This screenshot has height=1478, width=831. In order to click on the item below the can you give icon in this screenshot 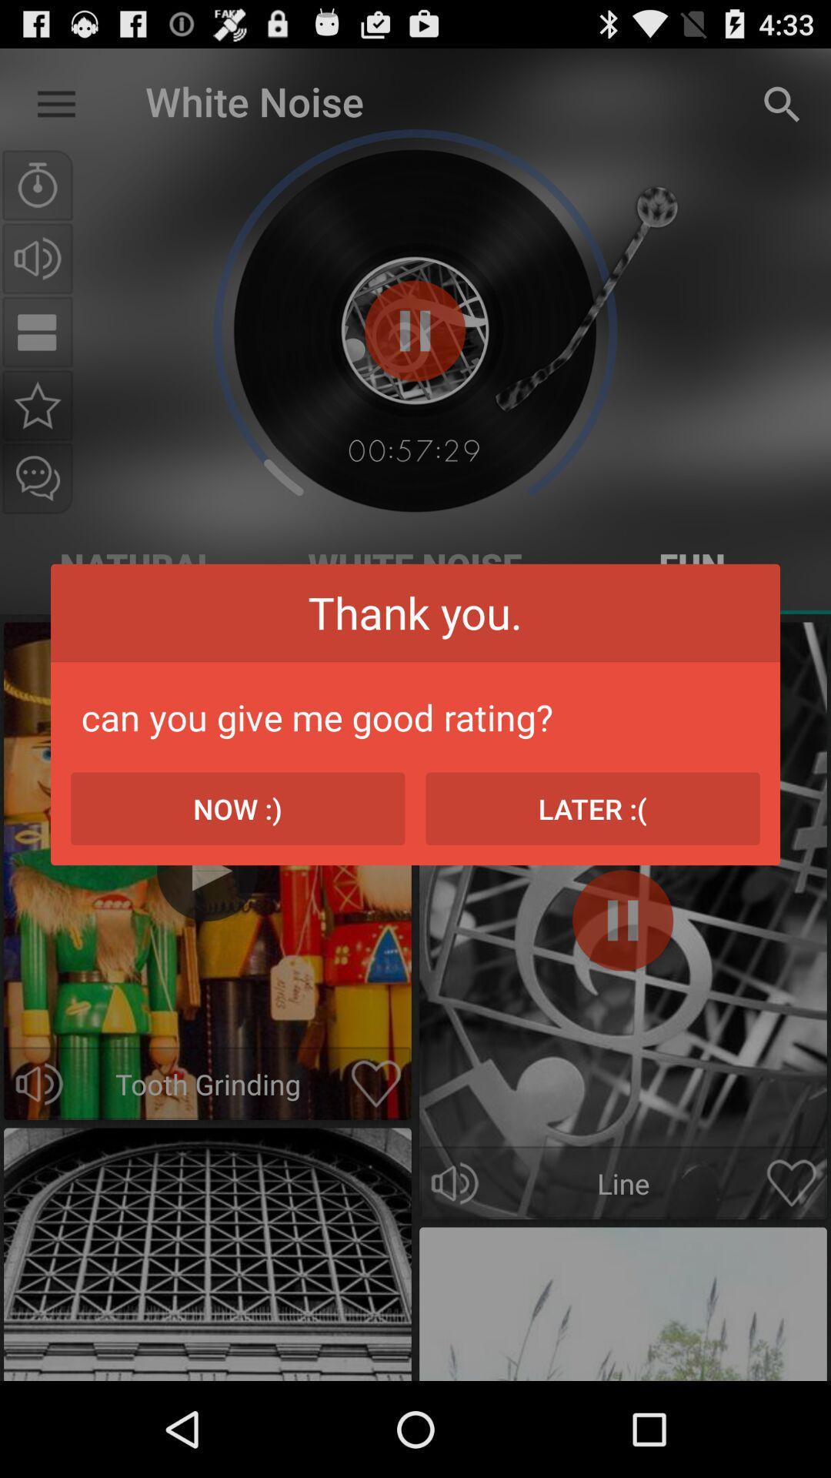, I will do `click(238, 808)`.